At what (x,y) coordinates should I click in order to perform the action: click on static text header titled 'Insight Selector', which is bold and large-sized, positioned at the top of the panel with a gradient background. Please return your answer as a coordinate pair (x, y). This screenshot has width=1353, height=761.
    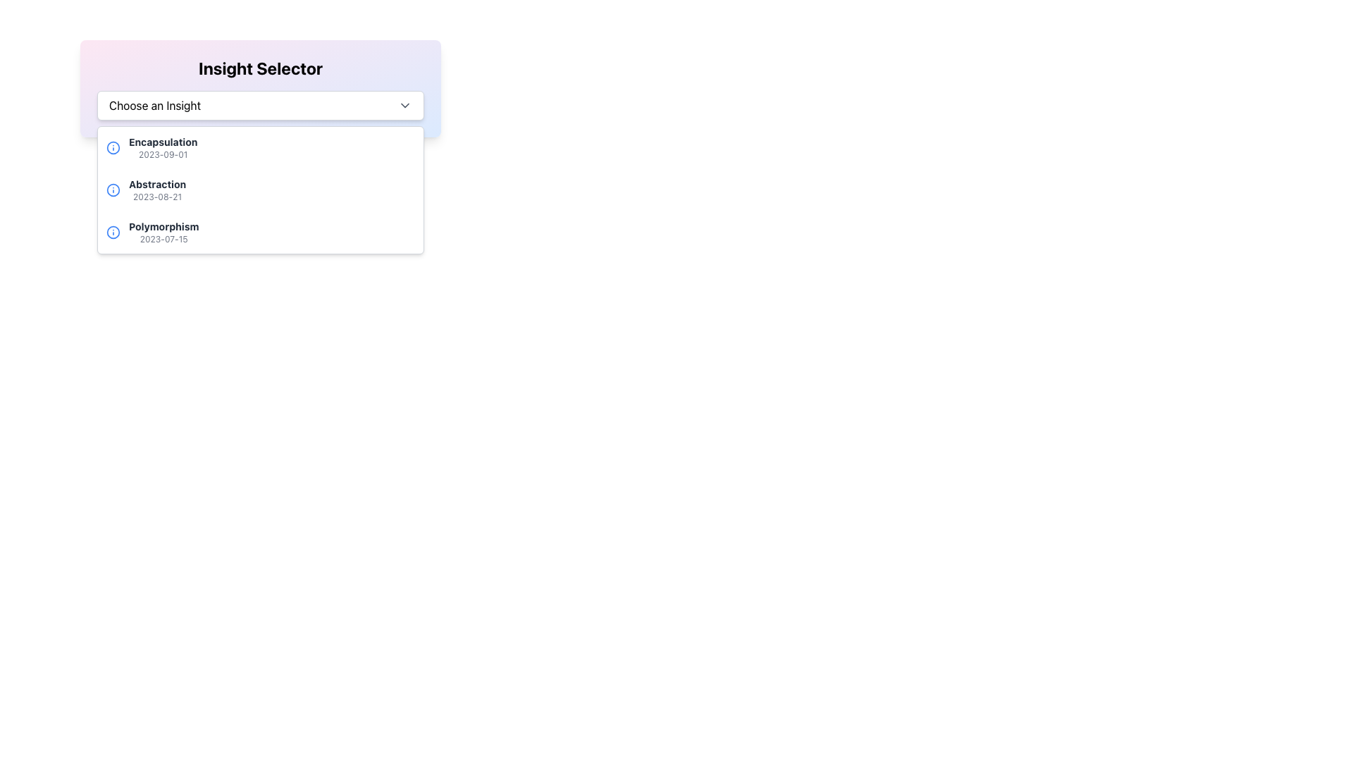
    Looking at the image, I should click on (260, 68).